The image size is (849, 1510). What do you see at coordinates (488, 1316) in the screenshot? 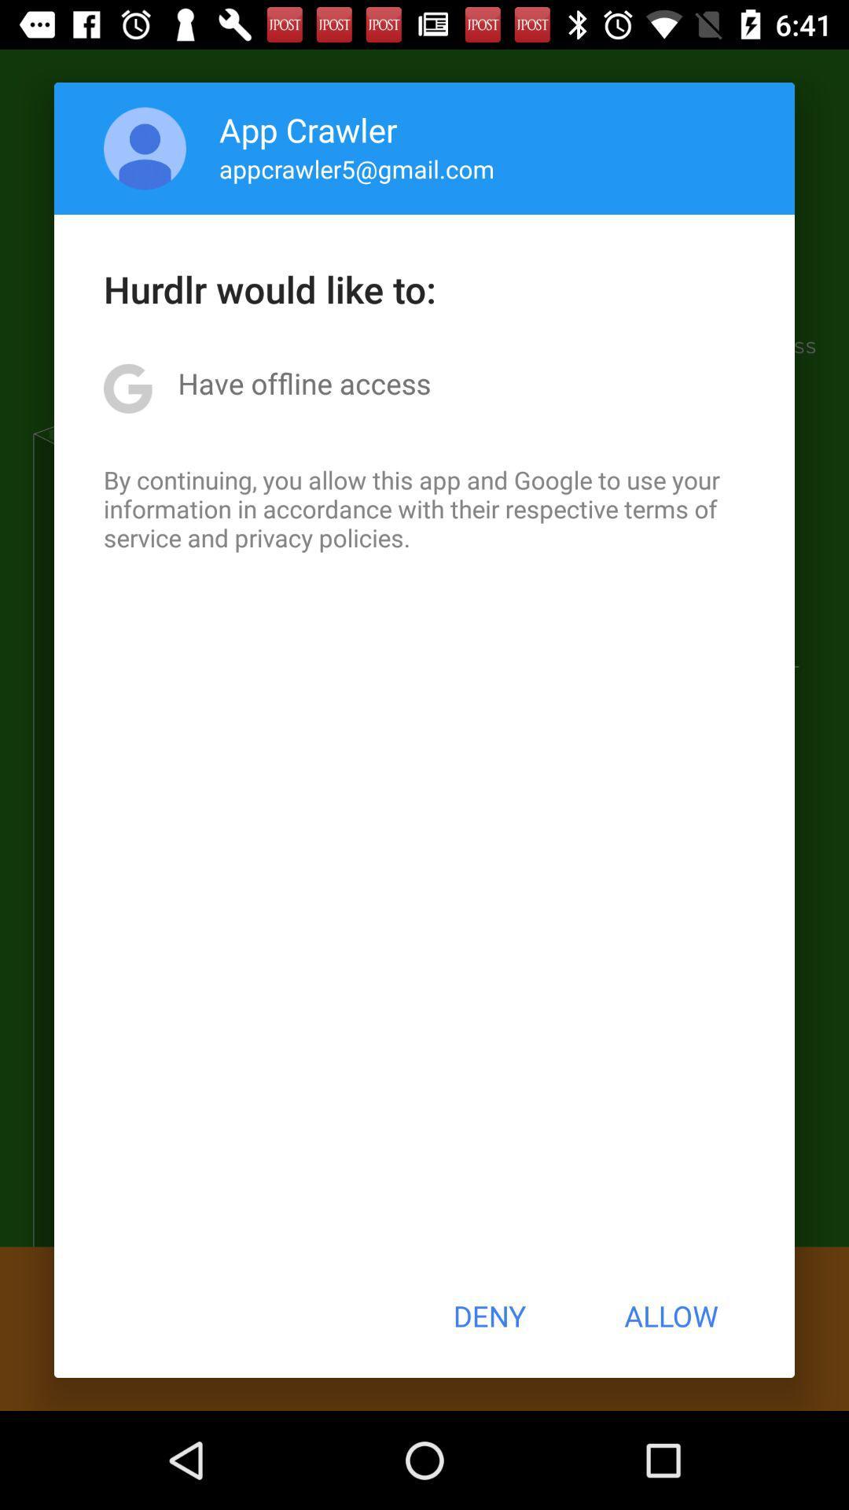
I see `deny` at bounding box center [488, 1316].